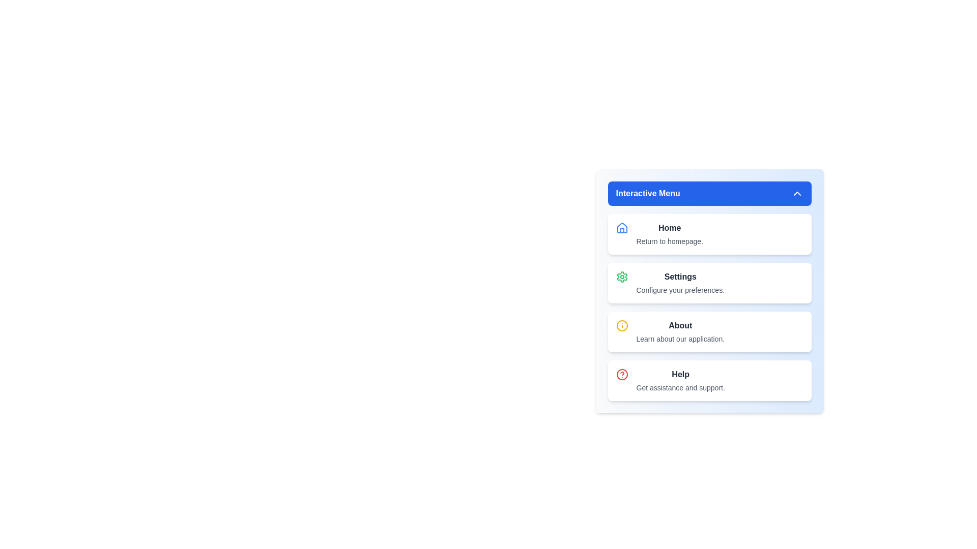 This screenshot has width=977, height=549. Describe the element at coordinates (680, 380) in the screenshot. I see `the informational text block that contains the bold 'Help' text and the smaller 'Get assistance and support' text, located within the fourth card of the vertically stacked menu layout` at that location.